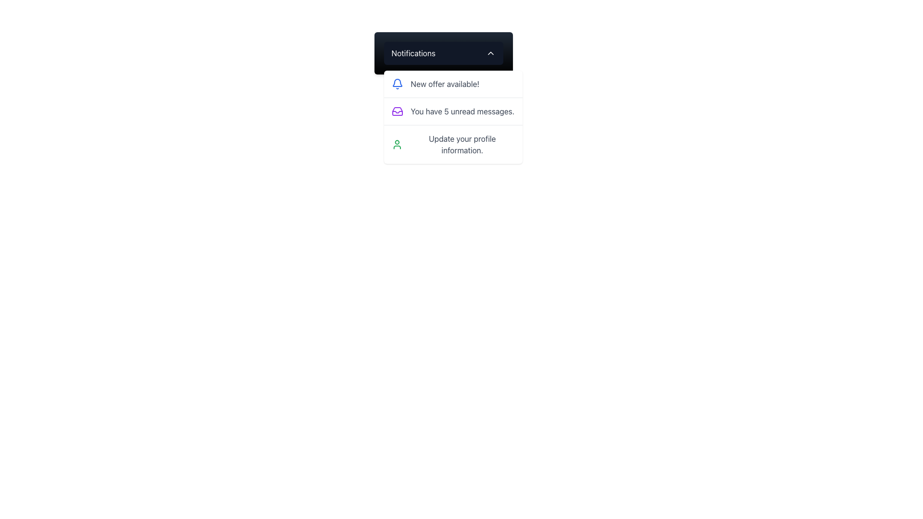 The width and height of the screenshot is (923, 519). I want to click on the first notification item indicating a new offer, located under the 'Notifications' header, so click(452, 83).